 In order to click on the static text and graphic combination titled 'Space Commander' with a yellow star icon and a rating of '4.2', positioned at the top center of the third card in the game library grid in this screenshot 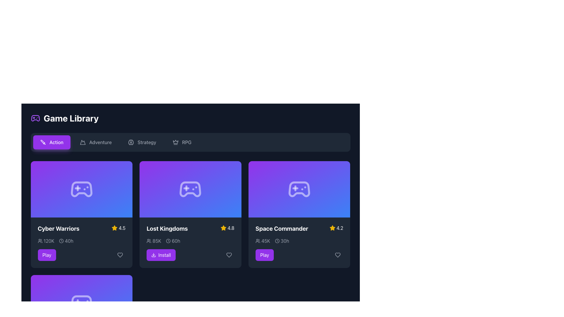, I will do `click(299, 228)`.